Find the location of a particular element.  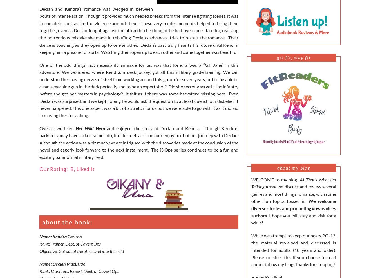

'Name: Kendra Carlsen' is located at coordinates (61, 236).